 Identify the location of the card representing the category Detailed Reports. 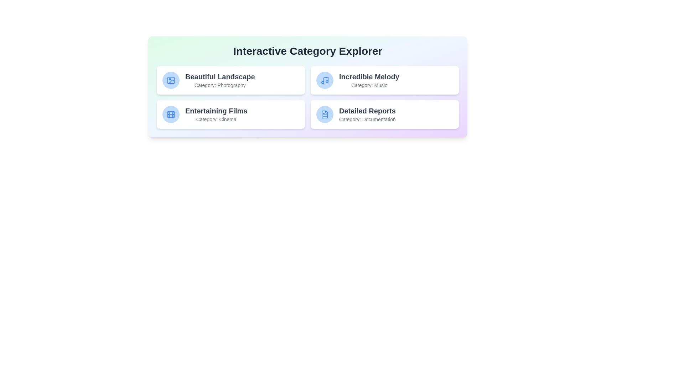
(384, 114).